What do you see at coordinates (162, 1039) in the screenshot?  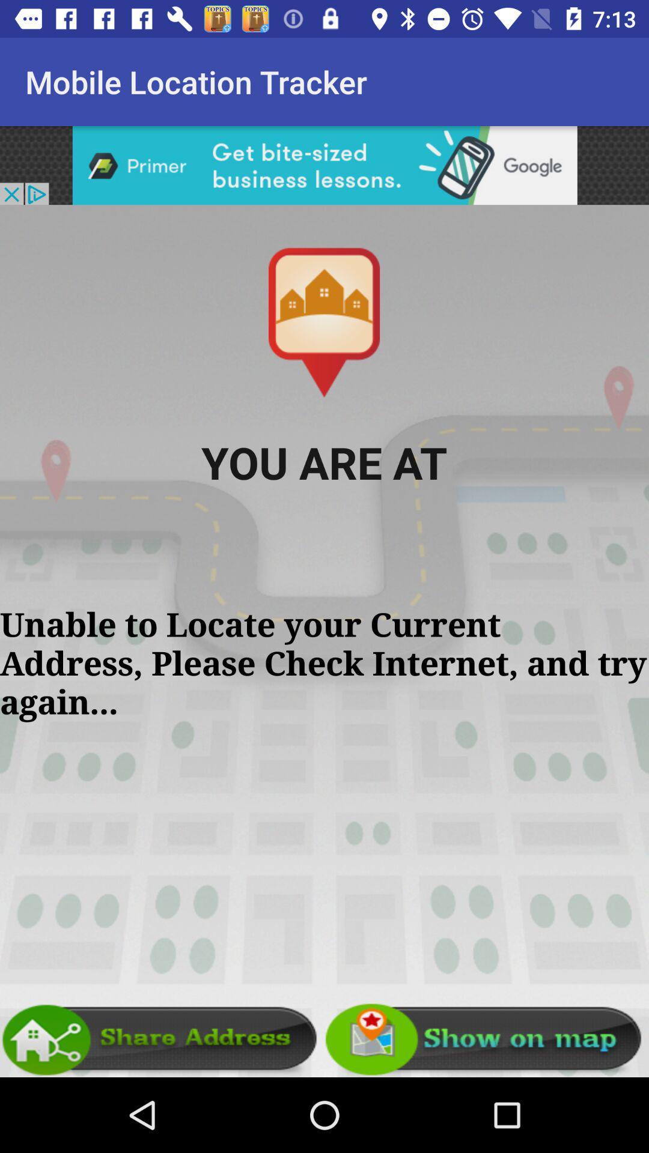 I see `share address` at bounding box center [162, 1039].